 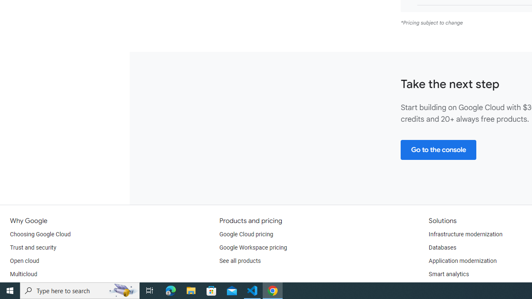 What do you see at coordinates (23, 274) in the screenshot?
I see `'Multicloud'` at bounding box center [23, 274].